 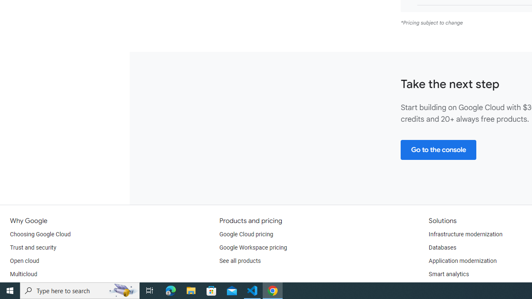 What do you see at coordinates (23, 274) in the screenshot?
I see `'Multicloud'` at bounding box center [23, 274].